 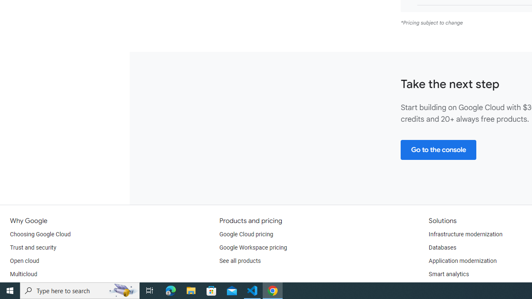 What do you see at coordinates (23, 274) in the screenshot?
I see `'Multicloud'` at bounding box center [23, 274].